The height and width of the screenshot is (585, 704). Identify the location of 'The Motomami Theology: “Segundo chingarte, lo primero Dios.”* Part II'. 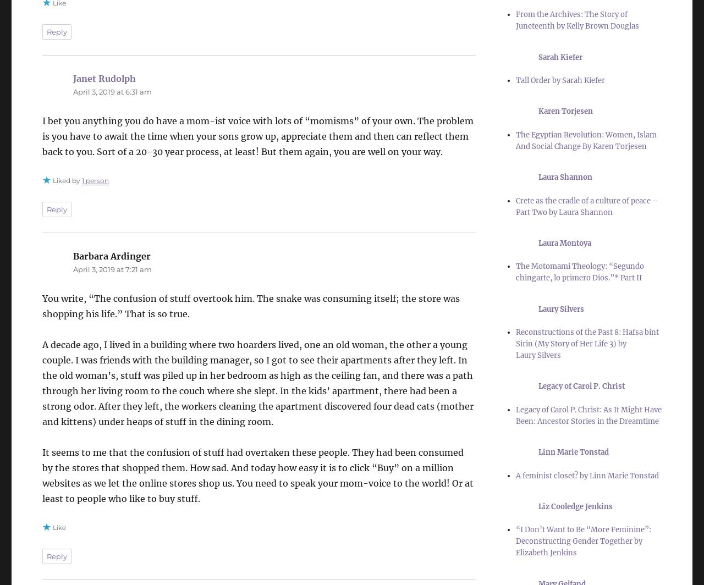
(579, 272).